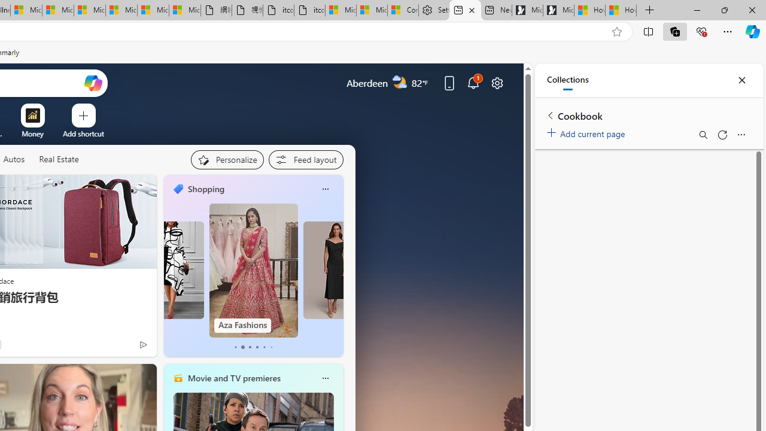 The height and width of the screenshot is (431, 766). Describe the element at coordinates (400, 81) in the screenshot. I see `'Partly cloudy'` at that location.